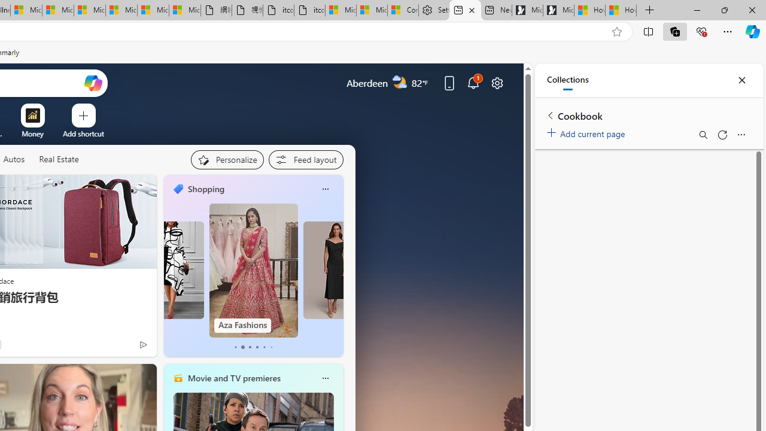 The height and width of the screenshot is (431, 766). Describe the element at coordinates (400, 81) in the screenshot. I see `'Partly cloudy'` at that location.